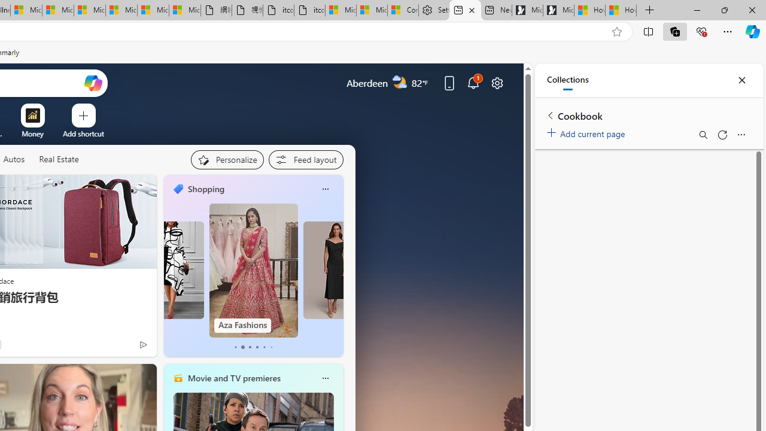 The height and width of the screenshot is (431, 766). Describe the element at coordinates (400, 81) in the screenshot. I see `'Partly cloudy'` at that location.